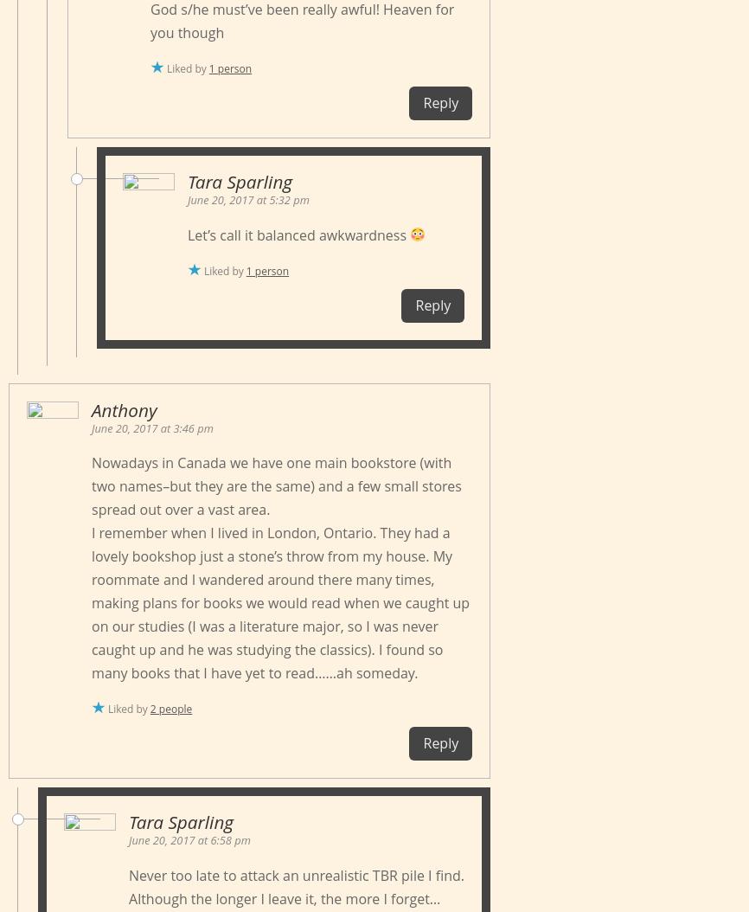 Image resolution: width=749 pixels, height=912 pixels. I want to click on 'I remember when I lived in London, Ontario.  They had a lovely bookshop just a stone’s throw from my house.  My roommate and I wandered around there many times, making plans for books we would read when we caught up on our studies (I was a literature major, so I was never caught up and he was studying the classics).  I found so many books that I have yet to read……ah someday.', so click(279, 602).